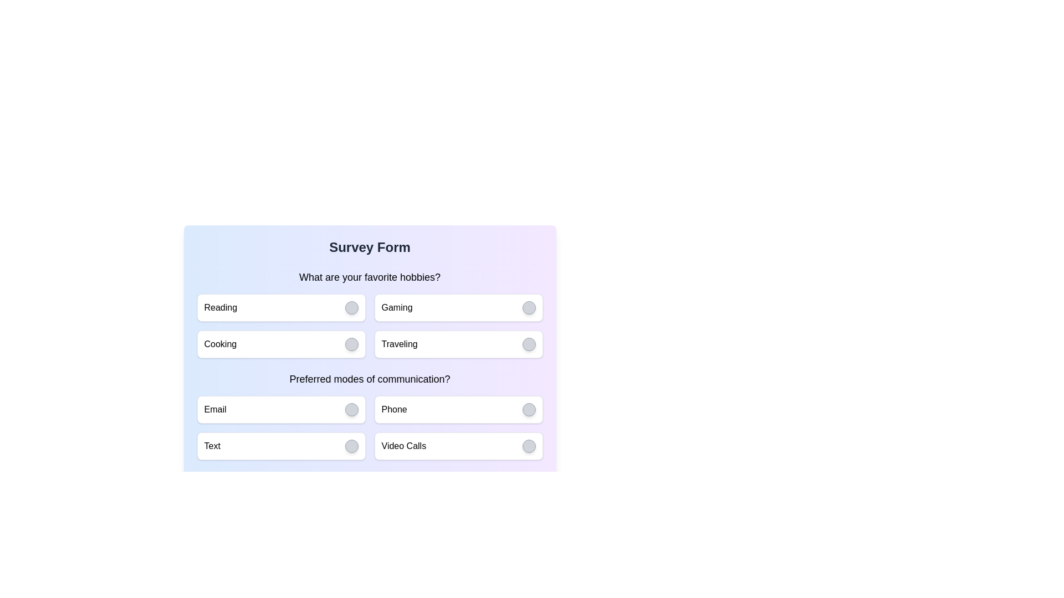 Image resolution: width=1064 pixels, height=598 pixels. Describe the element at coordinates (212, 446) in the screenshot. I see `the Text Label that provides context for the selection option in the 'Preferred modes of communication?' section, located at the bottom left of the form` at that location.